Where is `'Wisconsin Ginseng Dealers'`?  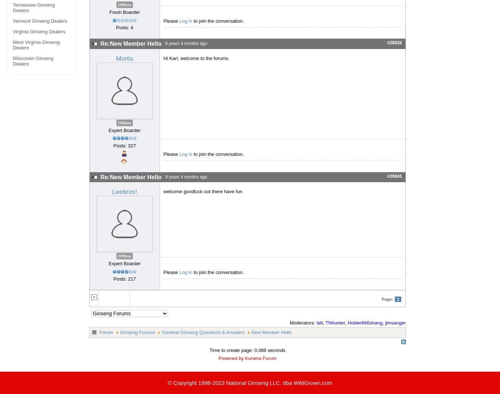
'Wisconsin Ginseng Dealers' is located at coordinates (33, 61).